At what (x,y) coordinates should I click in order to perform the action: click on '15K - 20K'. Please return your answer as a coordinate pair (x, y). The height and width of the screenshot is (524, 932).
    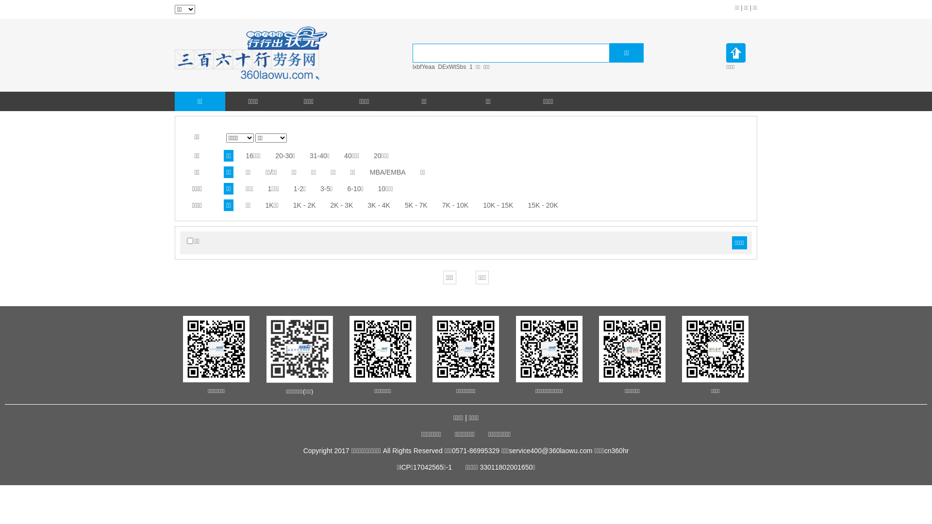
    Looking at the image, I should click on (542, 205).